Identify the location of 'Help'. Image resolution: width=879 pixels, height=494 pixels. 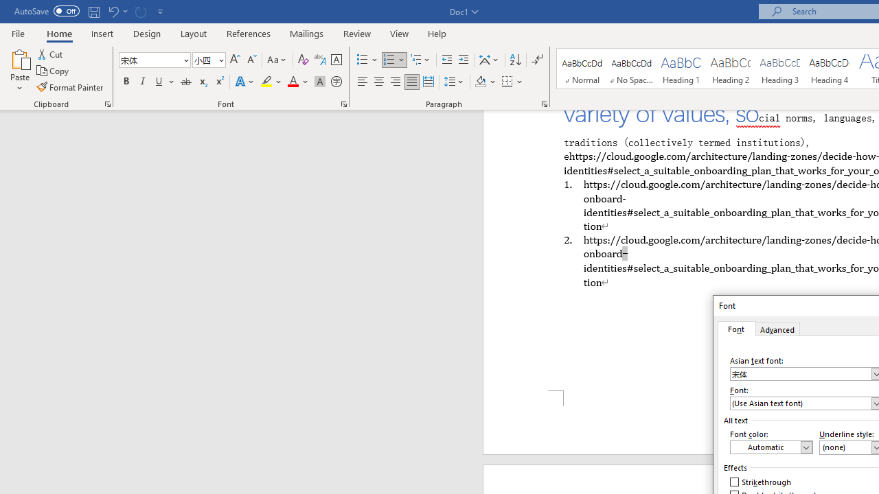
(437, 33).